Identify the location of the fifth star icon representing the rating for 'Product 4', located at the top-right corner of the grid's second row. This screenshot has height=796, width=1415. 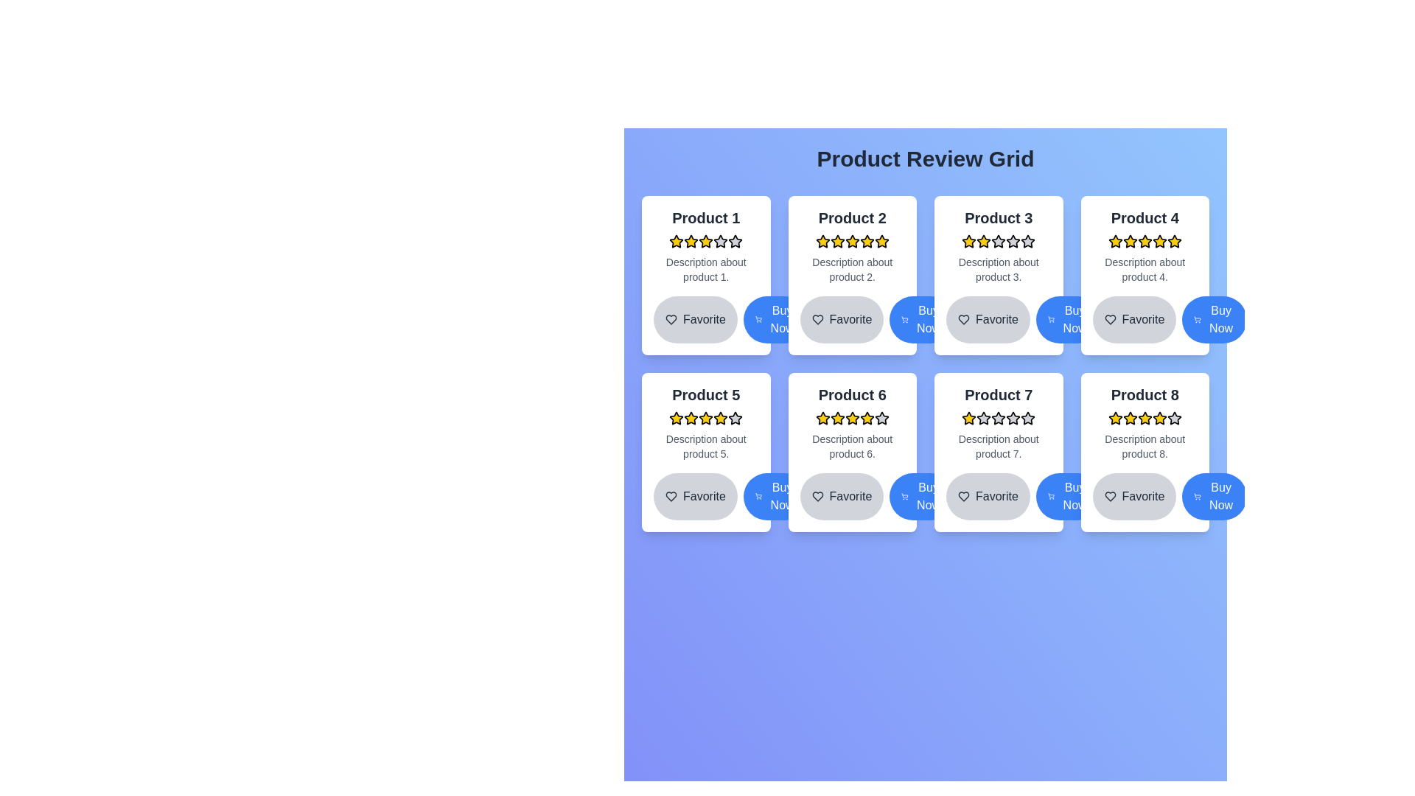
(1173, 240).